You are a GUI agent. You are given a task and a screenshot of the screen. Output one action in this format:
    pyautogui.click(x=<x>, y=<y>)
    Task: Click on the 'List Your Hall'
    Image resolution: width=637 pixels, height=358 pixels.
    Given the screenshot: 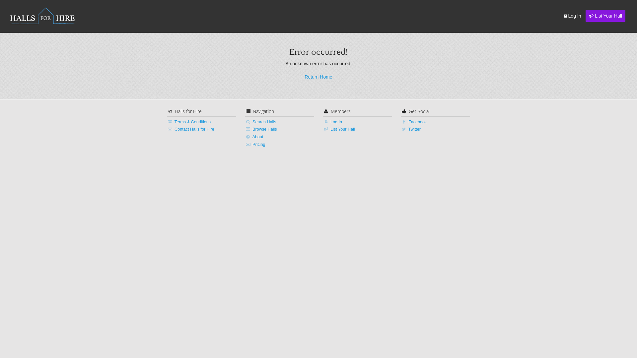 What is the action you would take?
    pyautogui.click(x=605, y=15)
    